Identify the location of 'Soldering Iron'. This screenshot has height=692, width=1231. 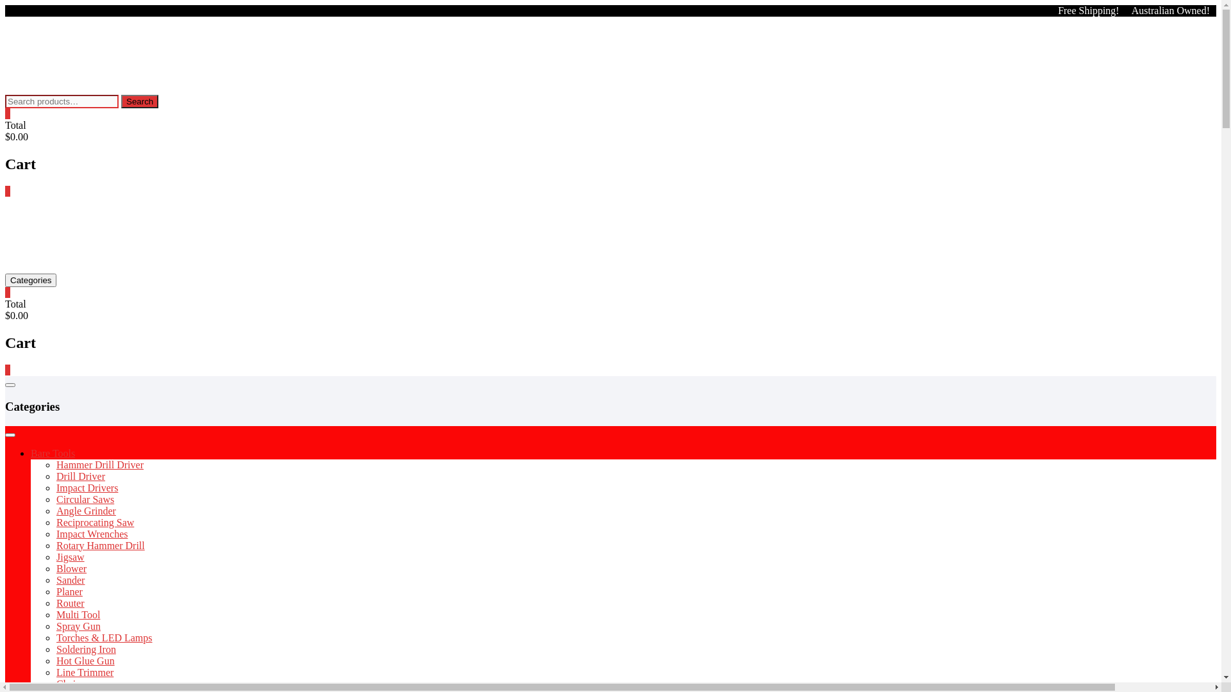
(55, 649).